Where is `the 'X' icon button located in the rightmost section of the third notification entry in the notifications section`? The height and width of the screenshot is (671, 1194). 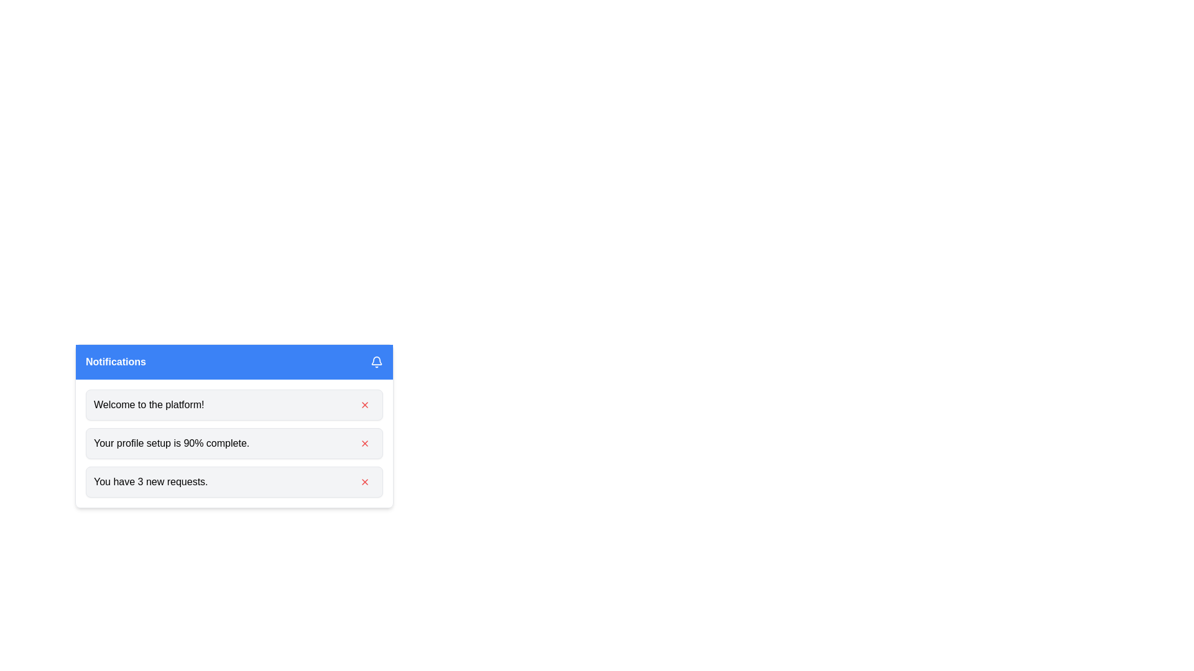
the 'X' icon button located in the rightmost section of the third notification entry in the notifications section is located at coordinates (364, 481).